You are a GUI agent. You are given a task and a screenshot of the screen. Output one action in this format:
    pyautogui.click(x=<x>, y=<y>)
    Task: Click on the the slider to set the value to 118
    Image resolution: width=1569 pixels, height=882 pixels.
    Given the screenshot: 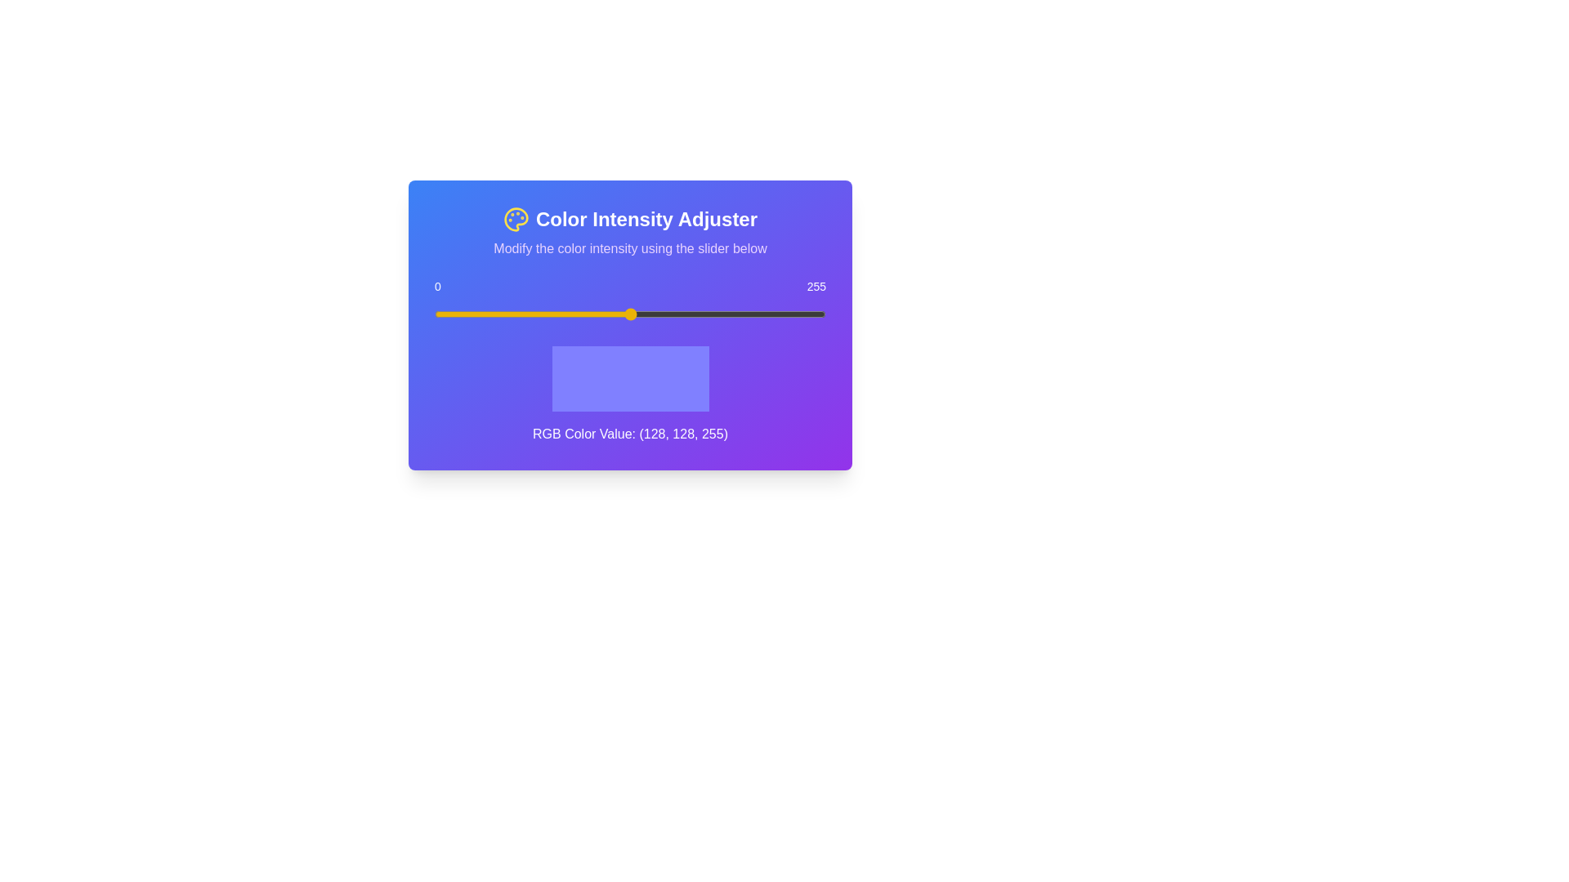 What is the action you would take?
    pyautogui.click(x=615, y=314)
    